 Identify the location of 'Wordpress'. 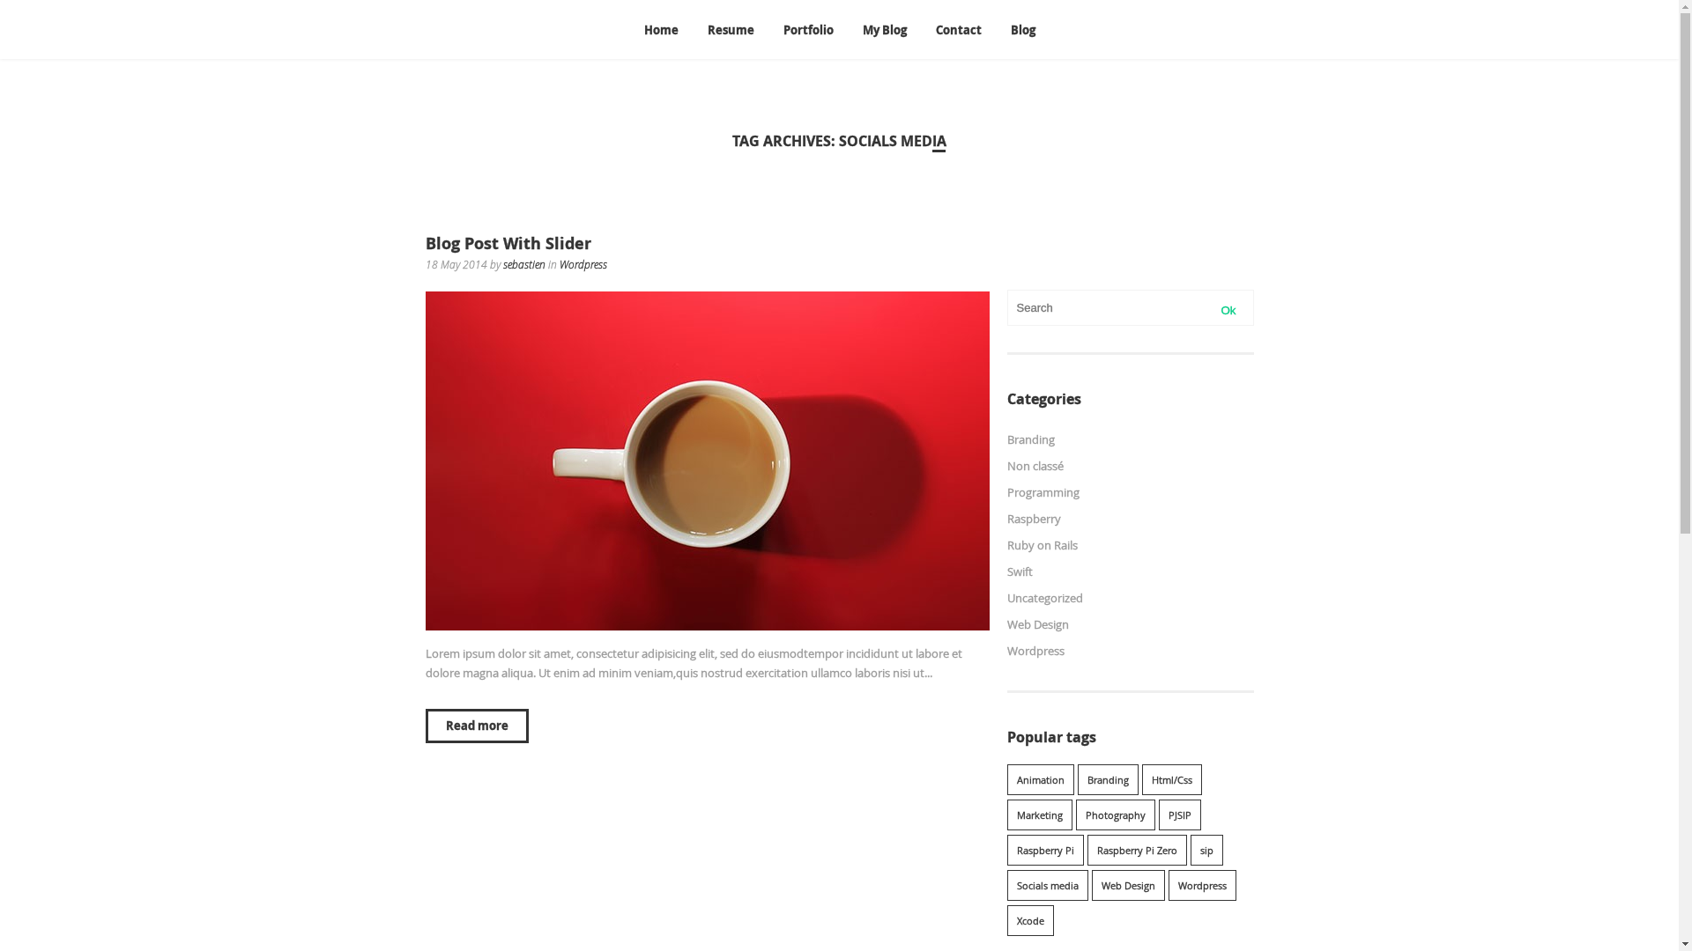
(583, 264).